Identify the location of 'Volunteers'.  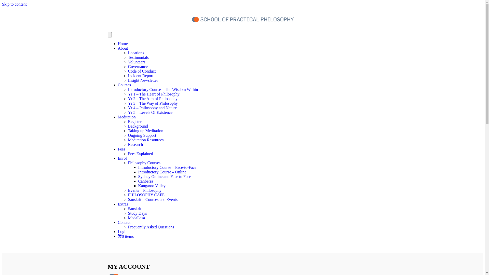
(137, 62).